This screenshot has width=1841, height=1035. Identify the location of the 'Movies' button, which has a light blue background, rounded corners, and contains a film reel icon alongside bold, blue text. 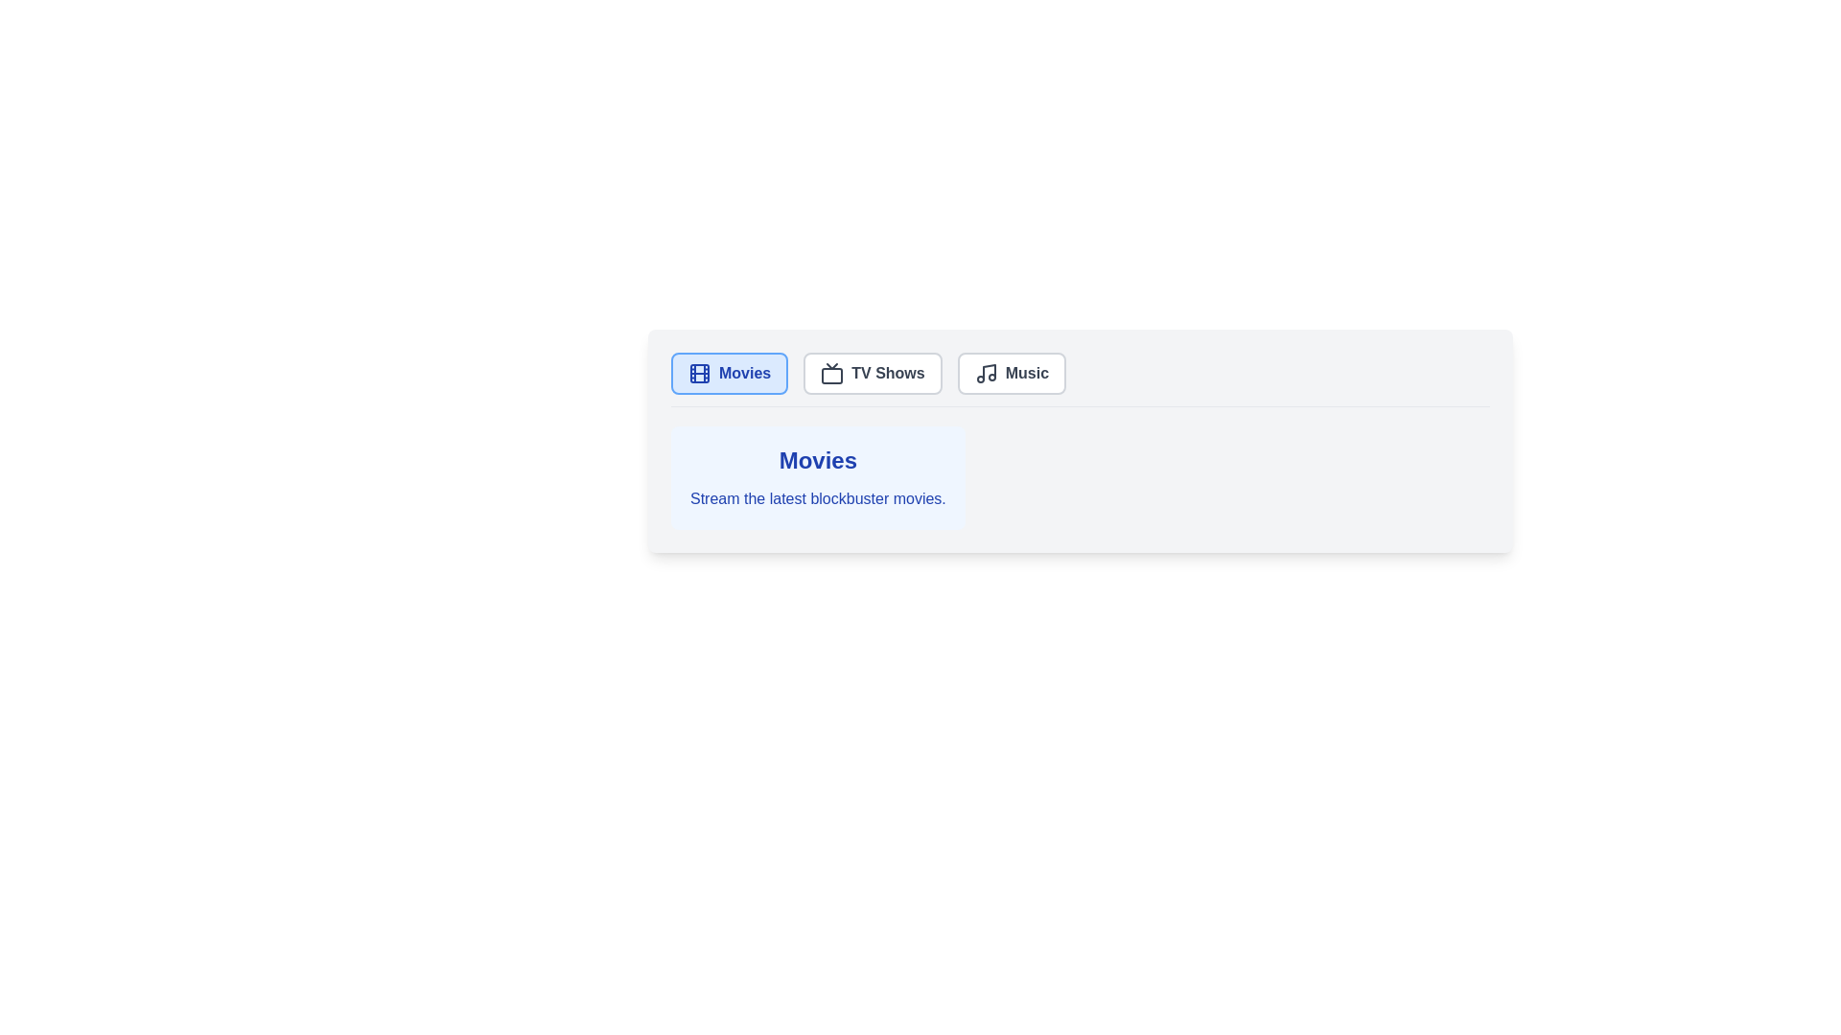
(729, 373).